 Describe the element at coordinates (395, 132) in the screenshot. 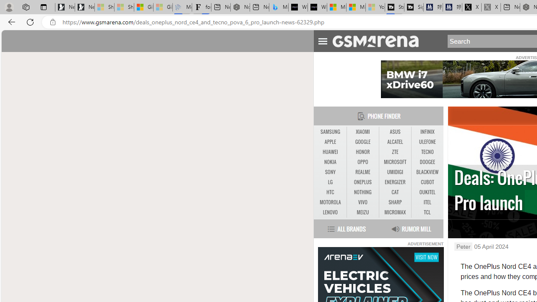

I see `'ASUS'` at that location.